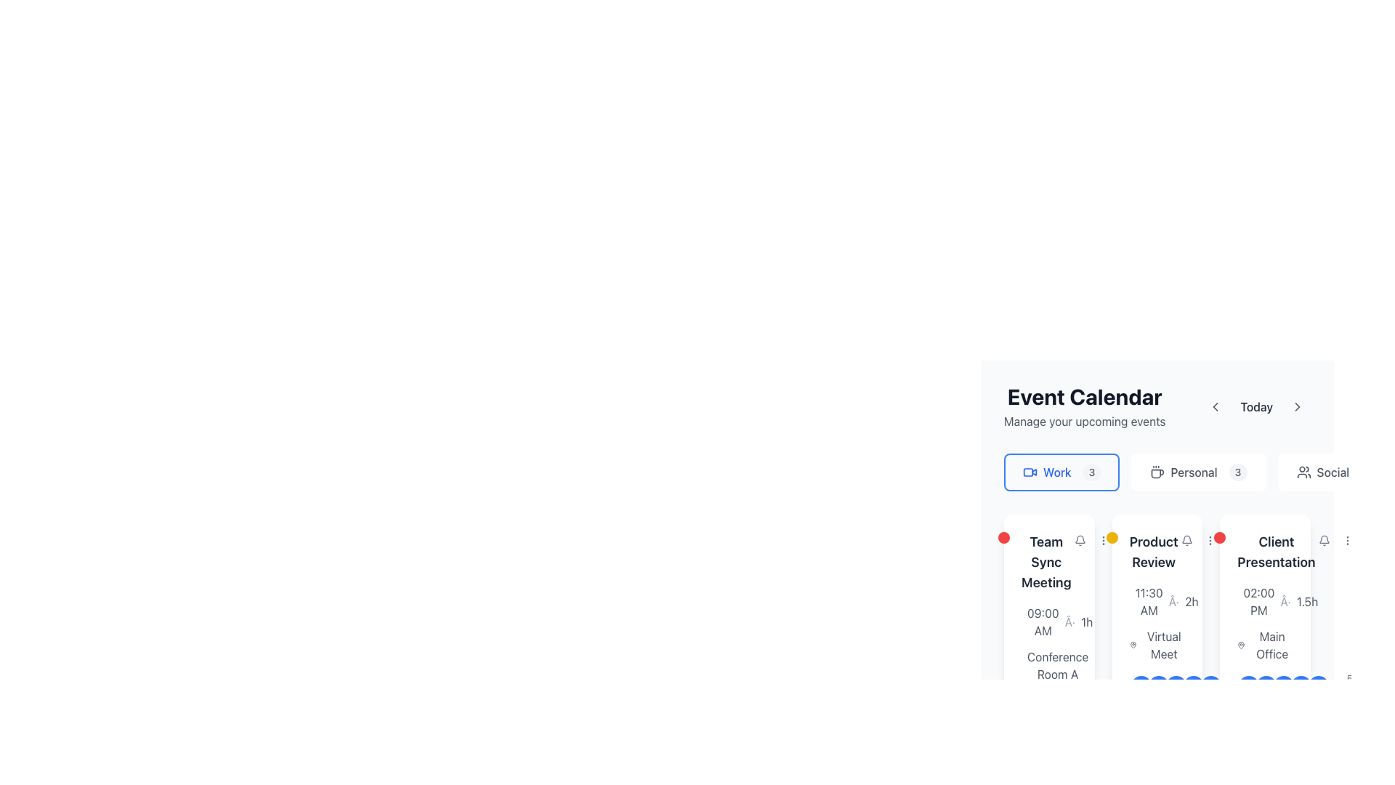 Image resolution: width=1395 pixels, height=785 pixels. Describe the element at coordinates (1227, 686) in the screenshot. I see `the last circular badge in the horizontal list, located below the 'Event Calendar'` at that location.